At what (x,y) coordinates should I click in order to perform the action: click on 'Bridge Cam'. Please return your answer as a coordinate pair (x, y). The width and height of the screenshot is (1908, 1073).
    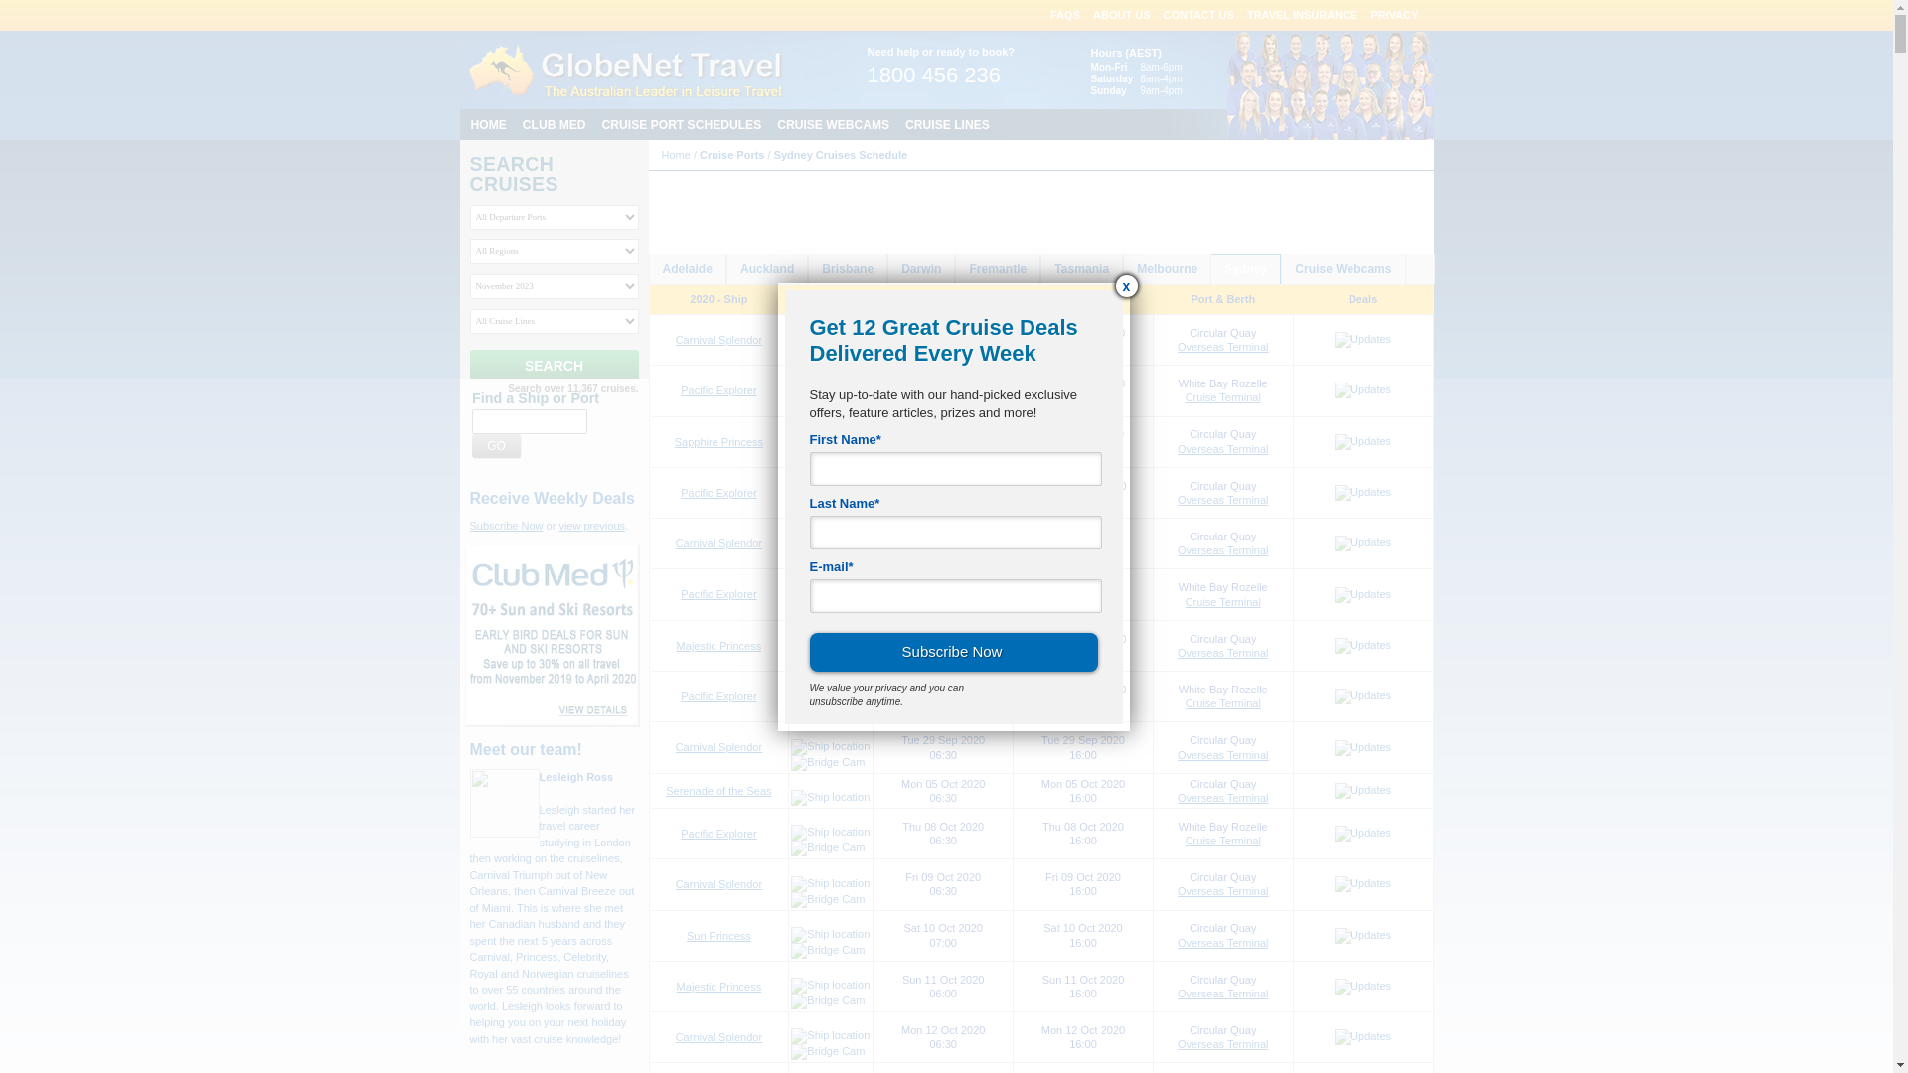
    Looking at the image, I should click on (828, 404).